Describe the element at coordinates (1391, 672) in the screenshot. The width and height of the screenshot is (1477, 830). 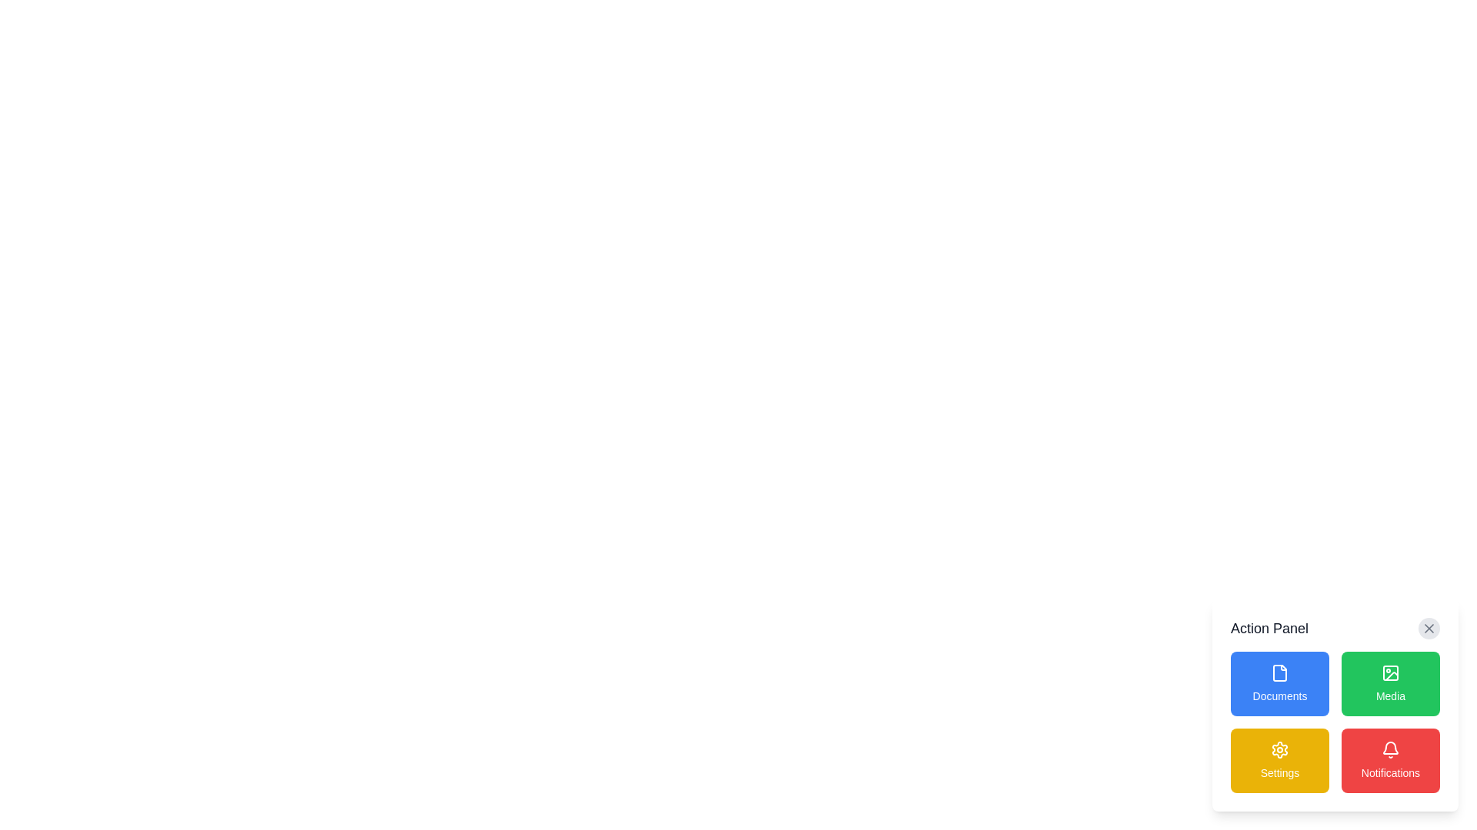
I see `the media icon, which is a compact monochrome icon with a rectangular outline, circle, and diagonal line, located within the green 'Media' button in the top-right section of the action panel` at that location.